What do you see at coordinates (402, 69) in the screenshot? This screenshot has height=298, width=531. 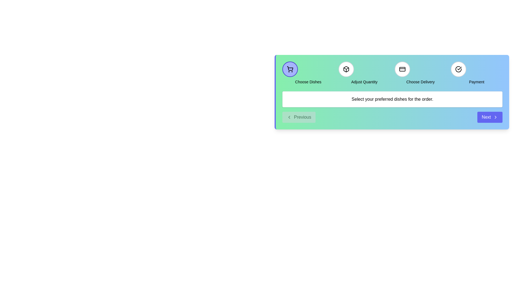 I see `the third credit card-like icon from the left, which is located inside a circular button at the top of the multi-step order process interface` at bounding box center [402, 69].